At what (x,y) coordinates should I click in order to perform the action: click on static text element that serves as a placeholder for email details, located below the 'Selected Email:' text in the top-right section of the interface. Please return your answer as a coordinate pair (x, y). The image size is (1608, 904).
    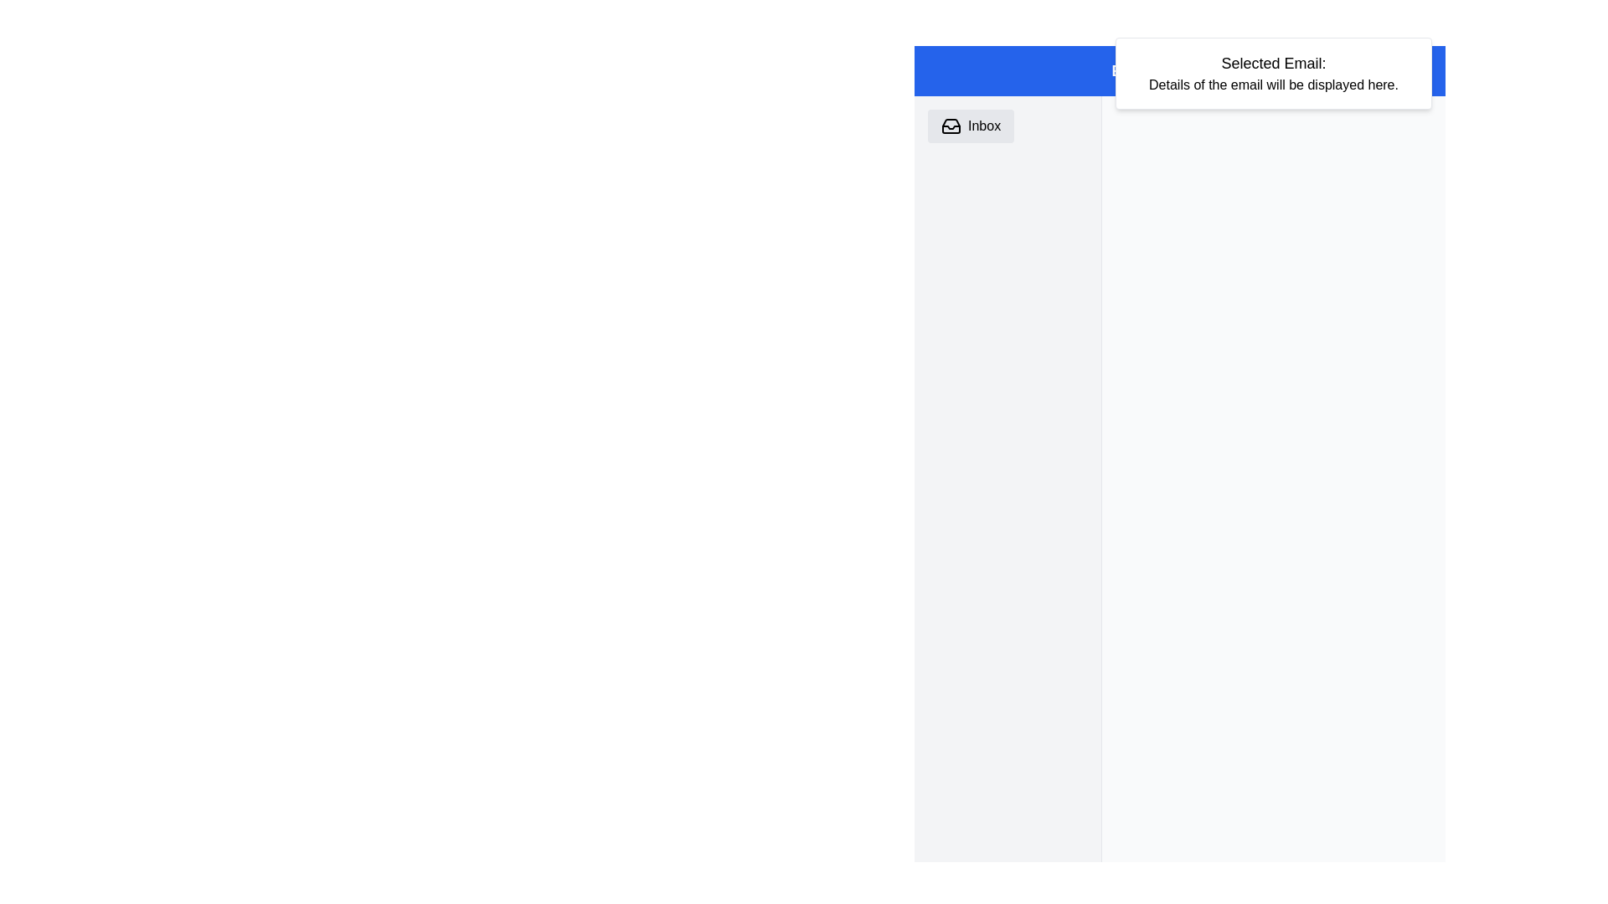
    Looking at the image, I should click on (1273, 85).